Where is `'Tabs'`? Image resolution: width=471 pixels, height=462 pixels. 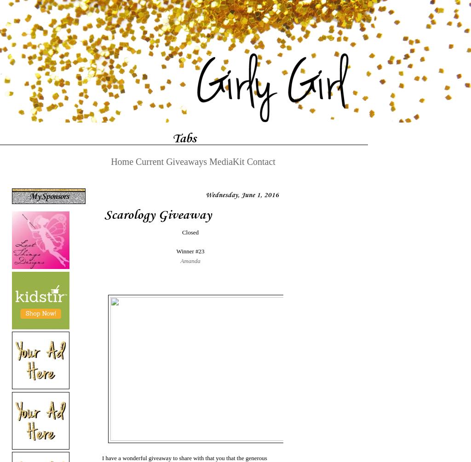
'Tabs' is located at coordinates (172, 137).